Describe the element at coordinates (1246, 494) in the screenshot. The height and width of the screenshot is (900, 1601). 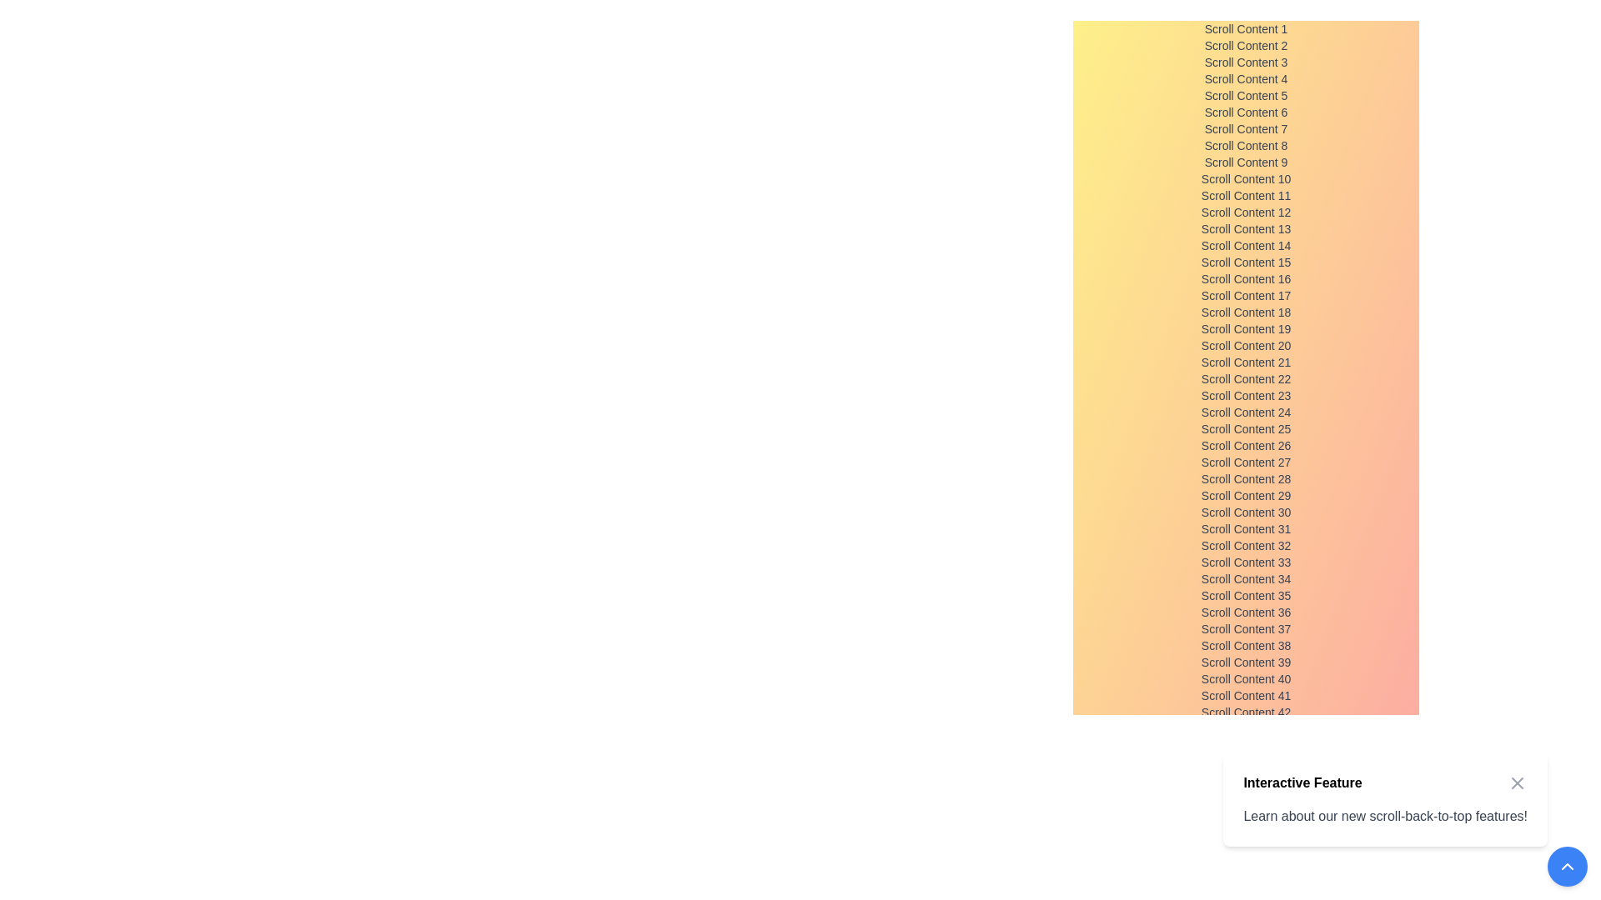
I see `the text label reading 'Scroll Content 29' visually, which is styled in gray text` at that location.